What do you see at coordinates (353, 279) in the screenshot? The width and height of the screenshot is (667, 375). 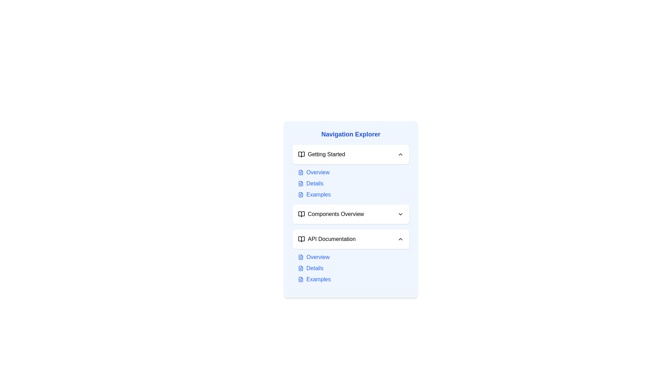 I see `the 'Examples' hyperlink in the 'API Documentation' section` at bounding box center [353, 279].